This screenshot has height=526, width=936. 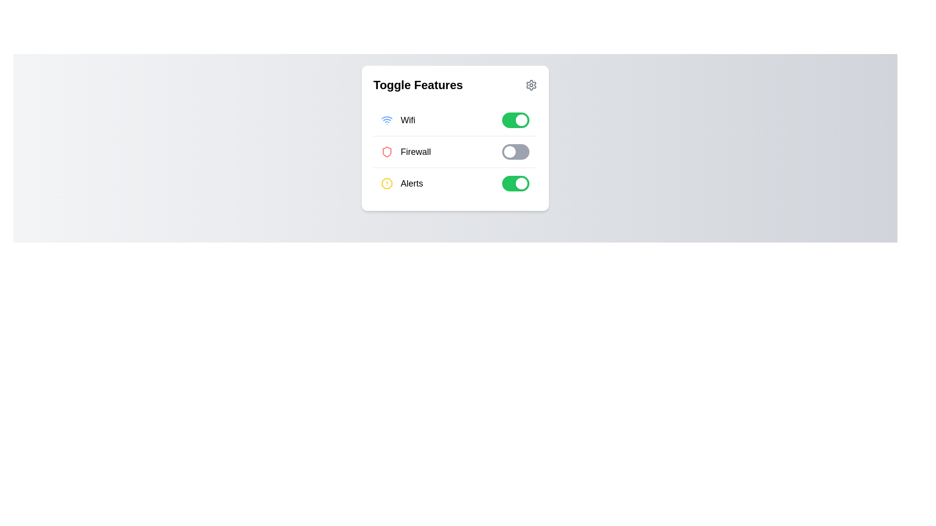 What do you see at coordinates (406, 152) in the screenshot?
I see `the 'Firewall' label with the red shield icon in the toggle feature panel` at bounding box center [406, 152].